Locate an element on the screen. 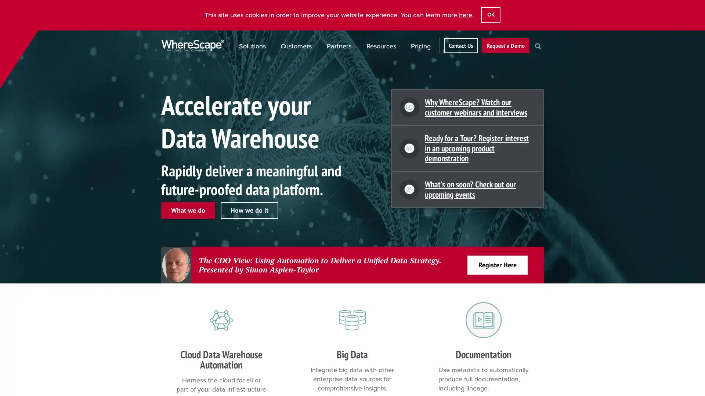 This screenshot has width=705, height=396. OK is located at coordinates (490, 15).